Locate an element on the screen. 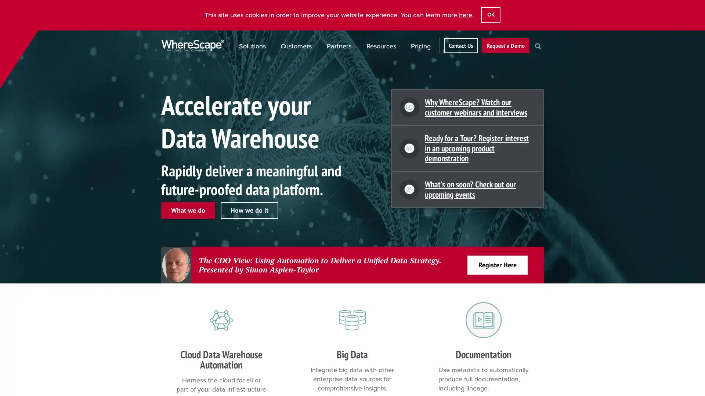 This screenshot has width=705, height=396. OK is located at coordinates (490, 15).